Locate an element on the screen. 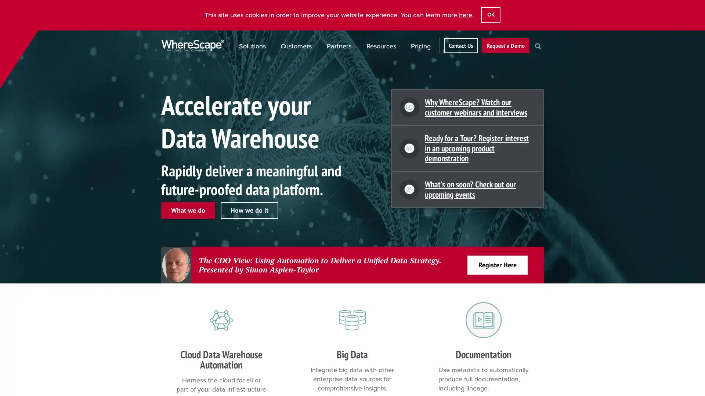 This screenshot has width=705, height=396. OK is located at coordinates (490, 15).